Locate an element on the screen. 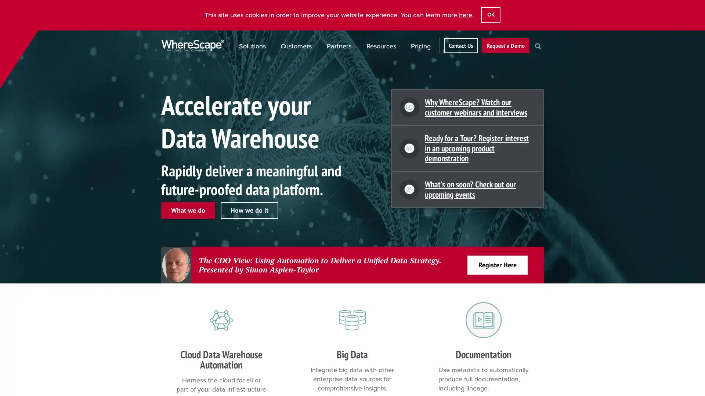 This screenshot has width=705, height=396. OK is located at coordinates (490, 15).